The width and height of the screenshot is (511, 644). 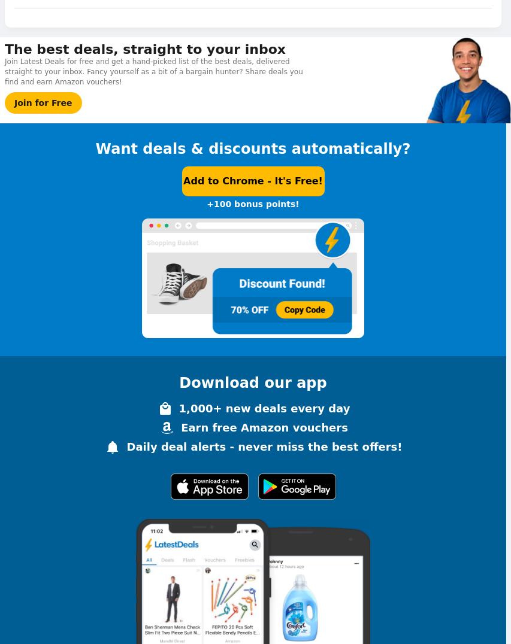 I want to click on 'Join for Free', so click(x=42, y=102).